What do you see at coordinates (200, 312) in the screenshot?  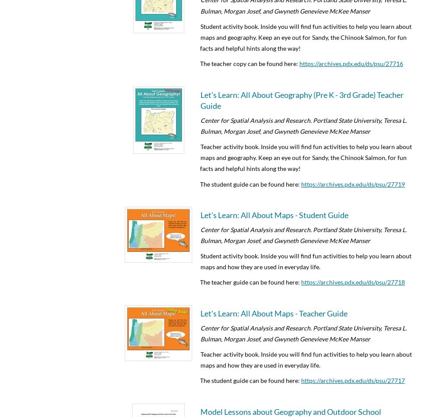 I see `'Let's Learn: All About Maps - Teacher Guide'` at bounding box center [200, 312].